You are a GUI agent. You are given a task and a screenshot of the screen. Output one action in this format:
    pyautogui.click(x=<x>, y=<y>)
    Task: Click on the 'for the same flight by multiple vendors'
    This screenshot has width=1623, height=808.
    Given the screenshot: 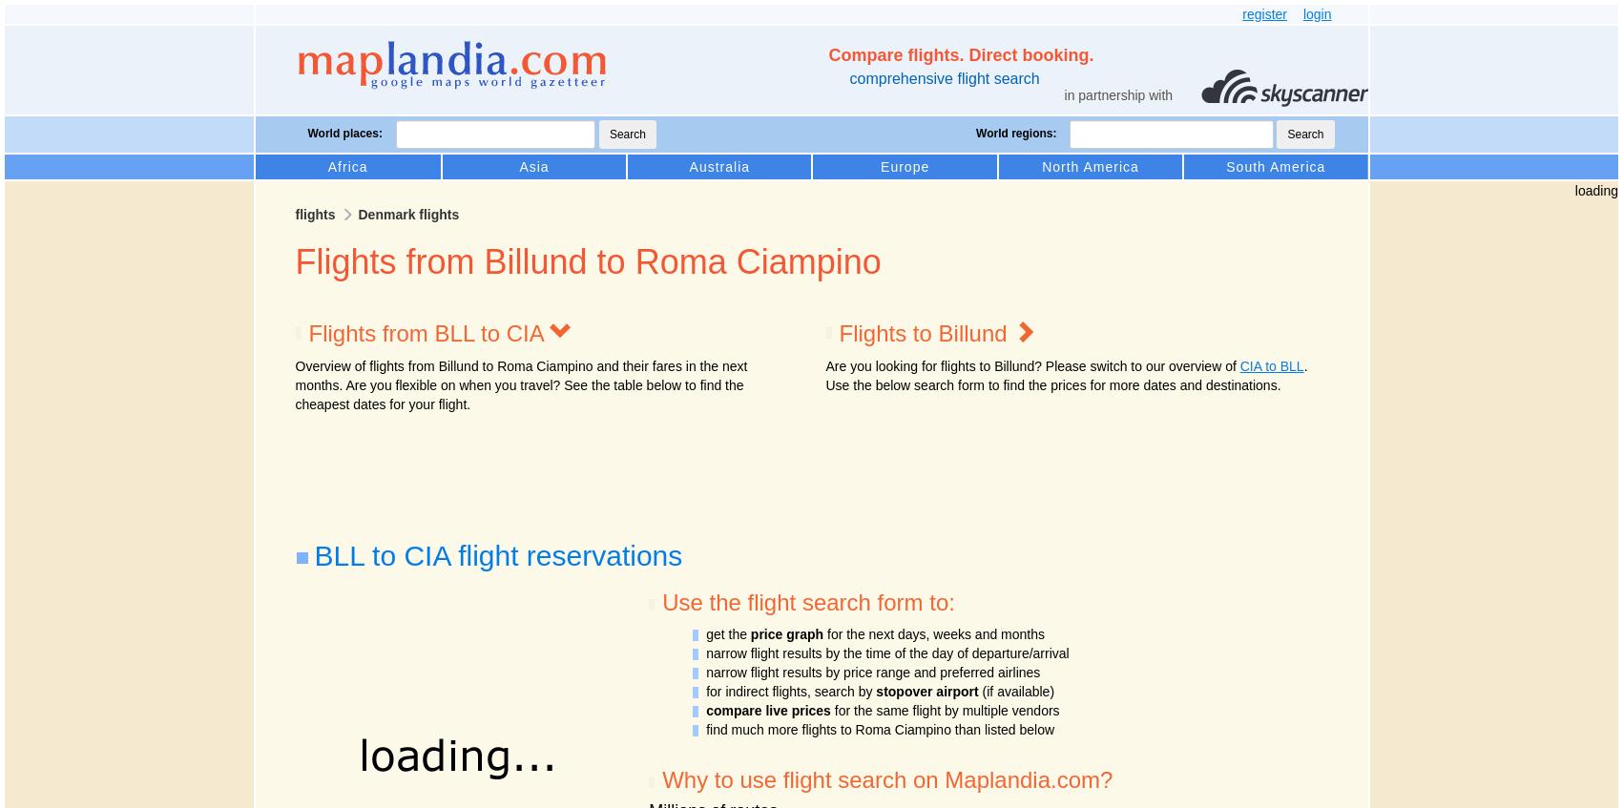 What is the action you would take?
    pyautogui.click(x=944, y=709)
    